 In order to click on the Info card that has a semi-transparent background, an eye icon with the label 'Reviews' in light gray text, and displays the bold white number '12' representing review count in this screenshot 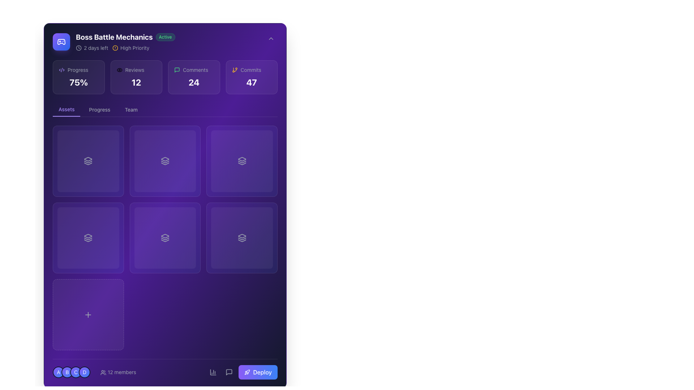, I will do `click(136, 77)`.